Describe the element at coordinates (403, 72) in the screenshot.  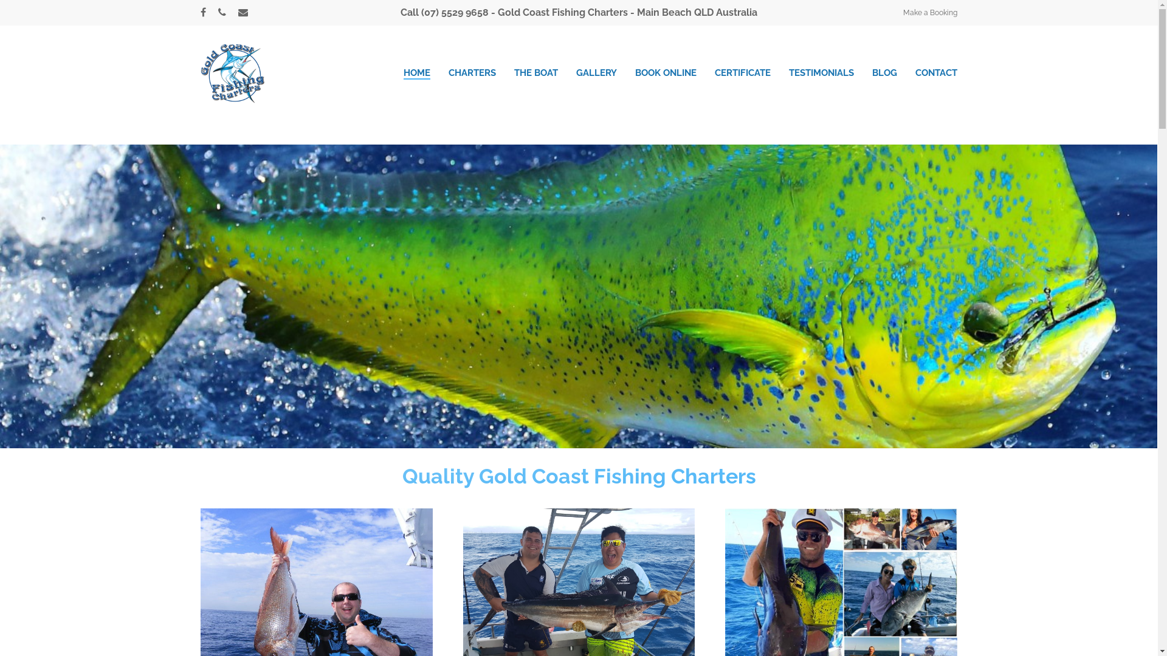
I see `'HOME'` at that location.